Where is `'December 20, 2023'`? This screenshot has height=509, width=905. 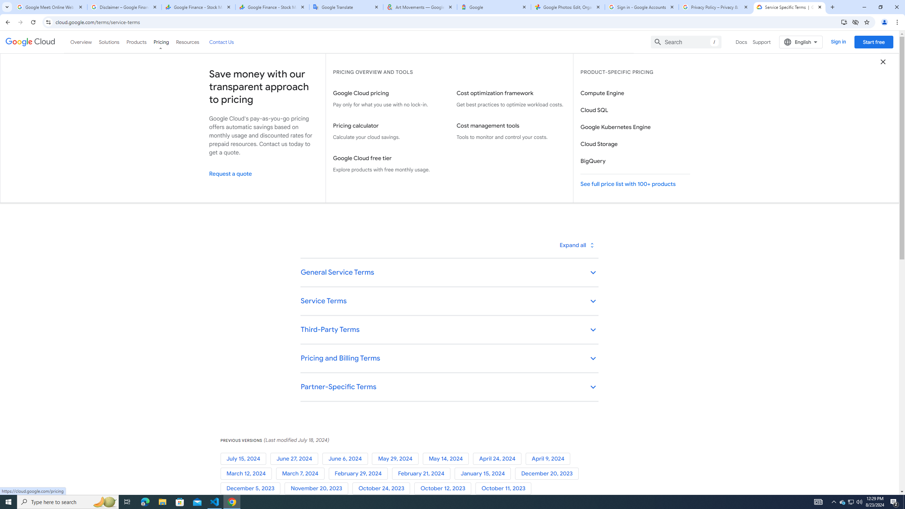
'December 20, 2023' is located at coordinates (548, 473).